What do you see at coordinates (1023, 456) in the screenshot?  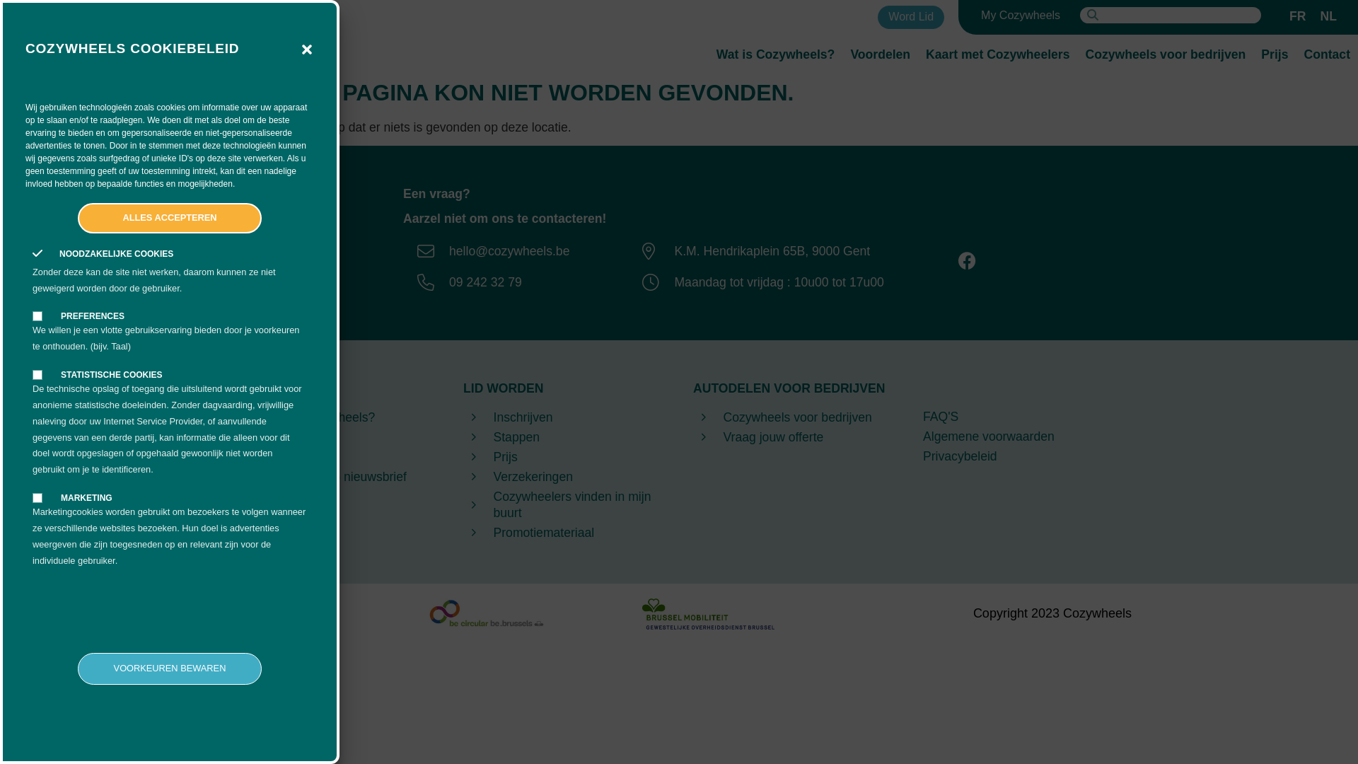 I see `'Privacybeleid'` at bounding box center [1023, 456].